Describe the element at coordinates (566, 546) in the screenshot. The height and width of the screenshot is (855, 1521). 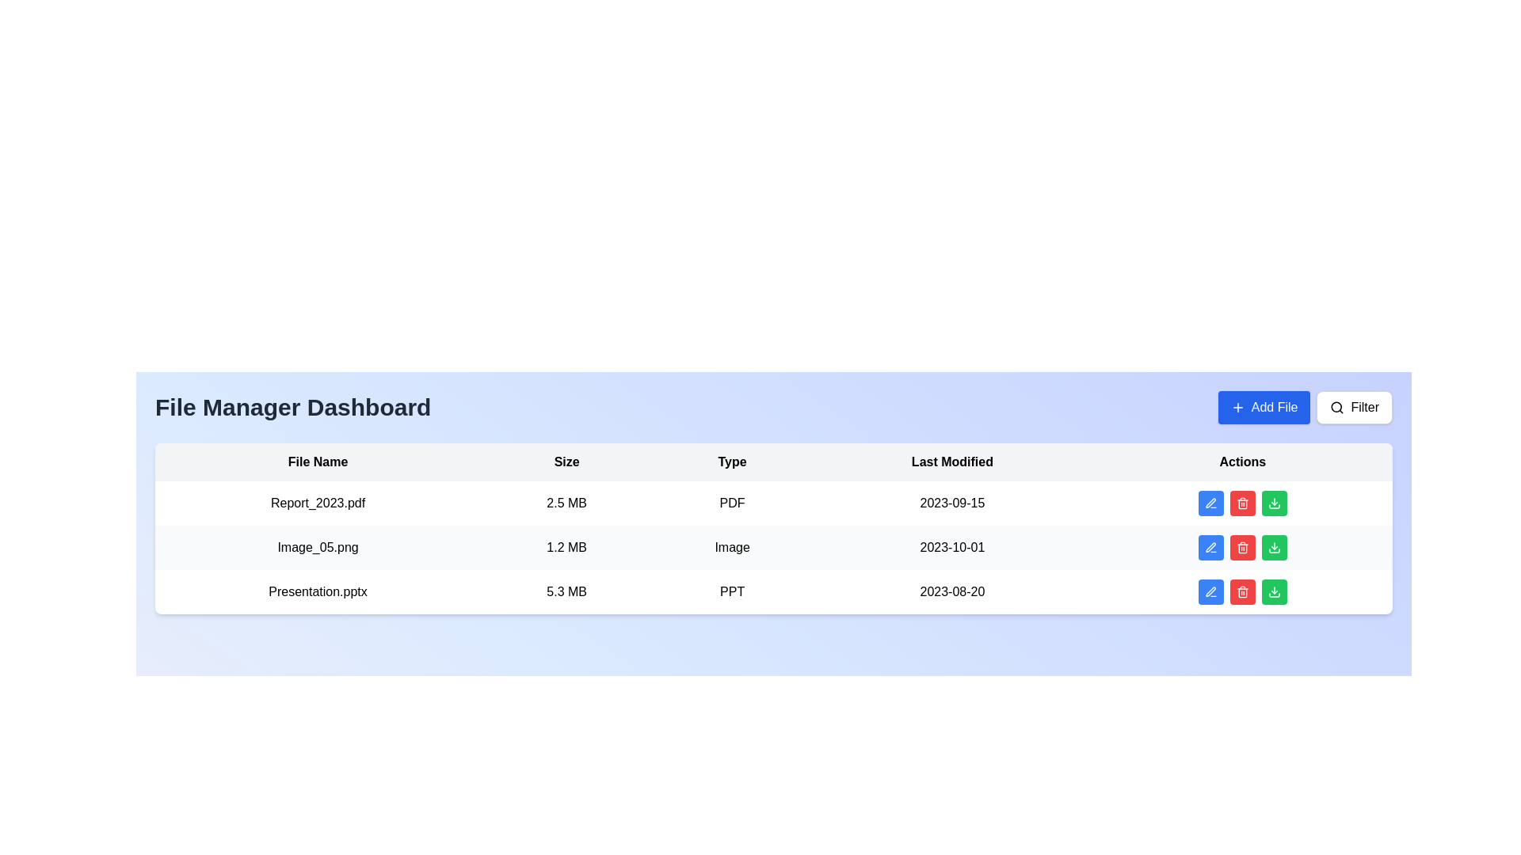
I see `the Text label indicating the file size for the 'Image_05.png' entry in the second row of the file list` at that location.